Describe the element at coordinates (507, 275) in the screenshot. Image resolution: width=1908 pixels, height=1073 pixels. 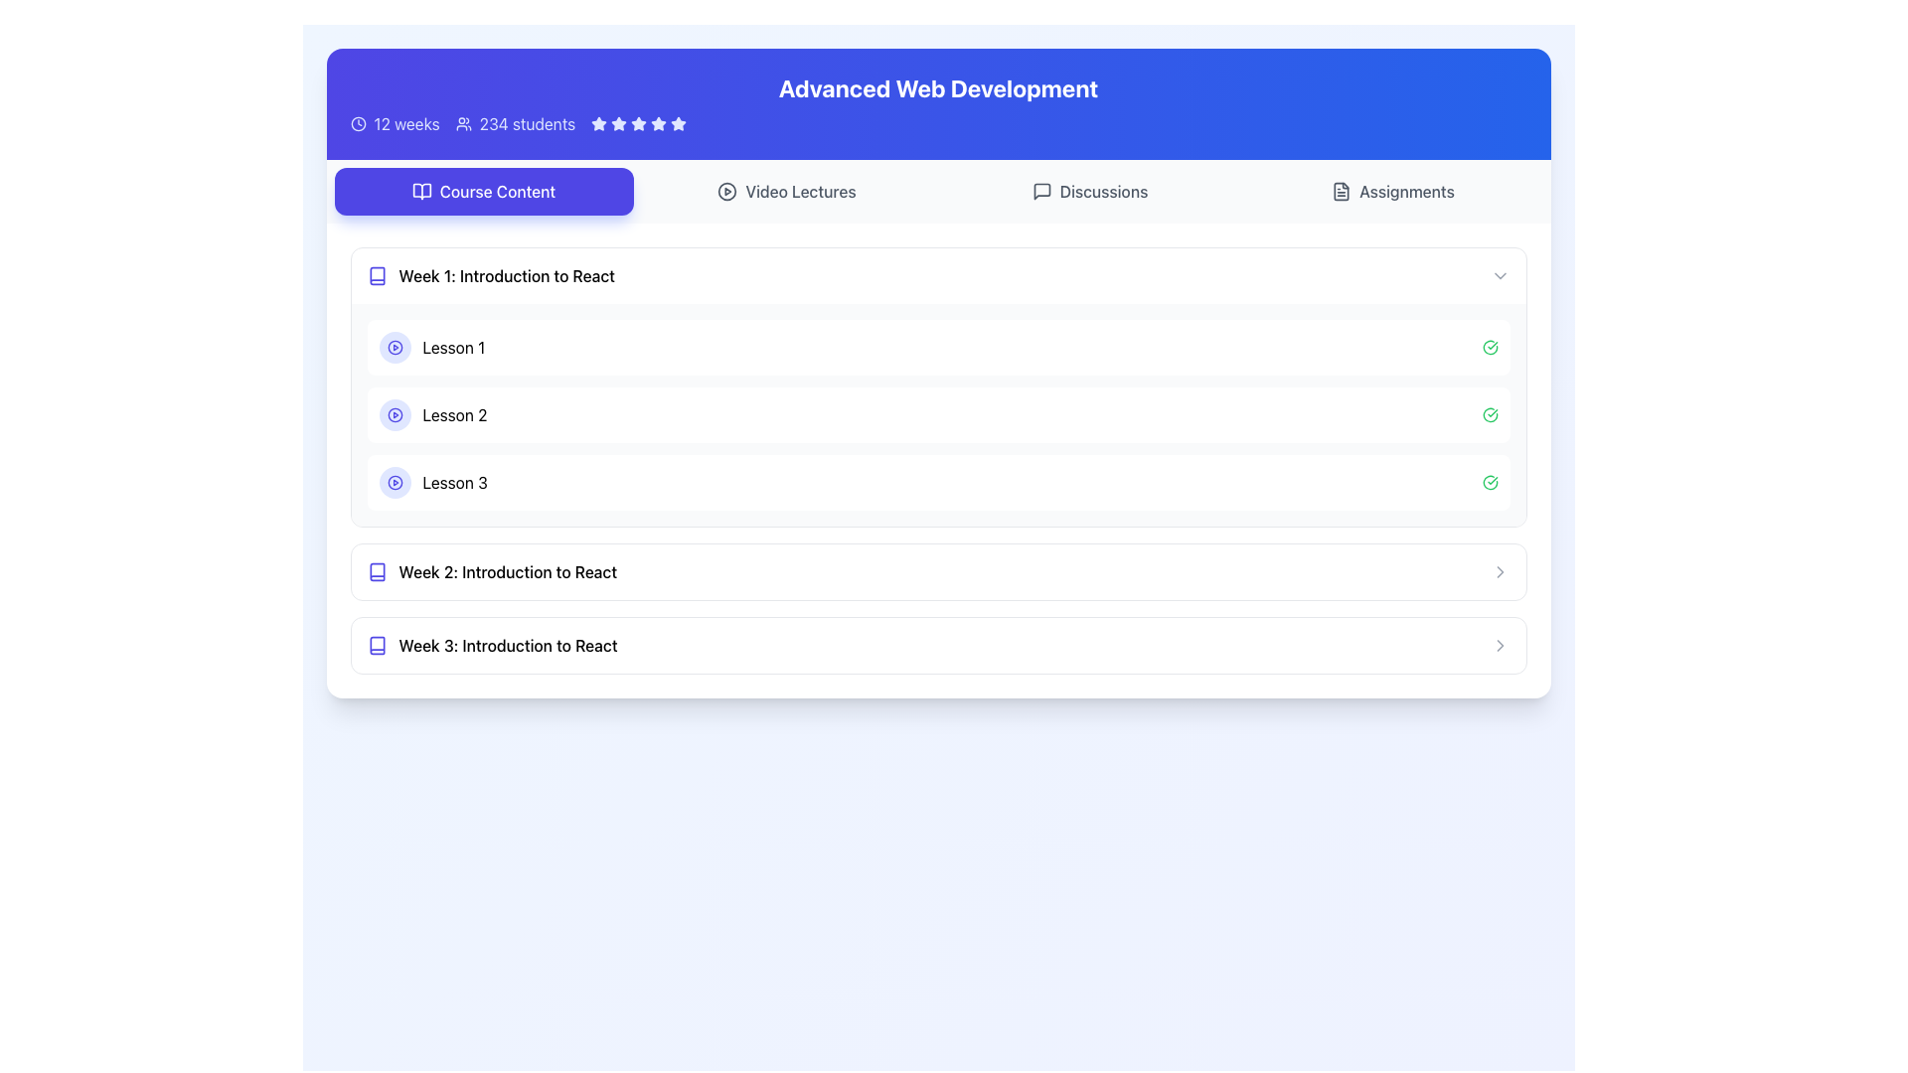
I see `text label 'Week 1: Introduction to React' which serves as the header for the course content section` at that location.